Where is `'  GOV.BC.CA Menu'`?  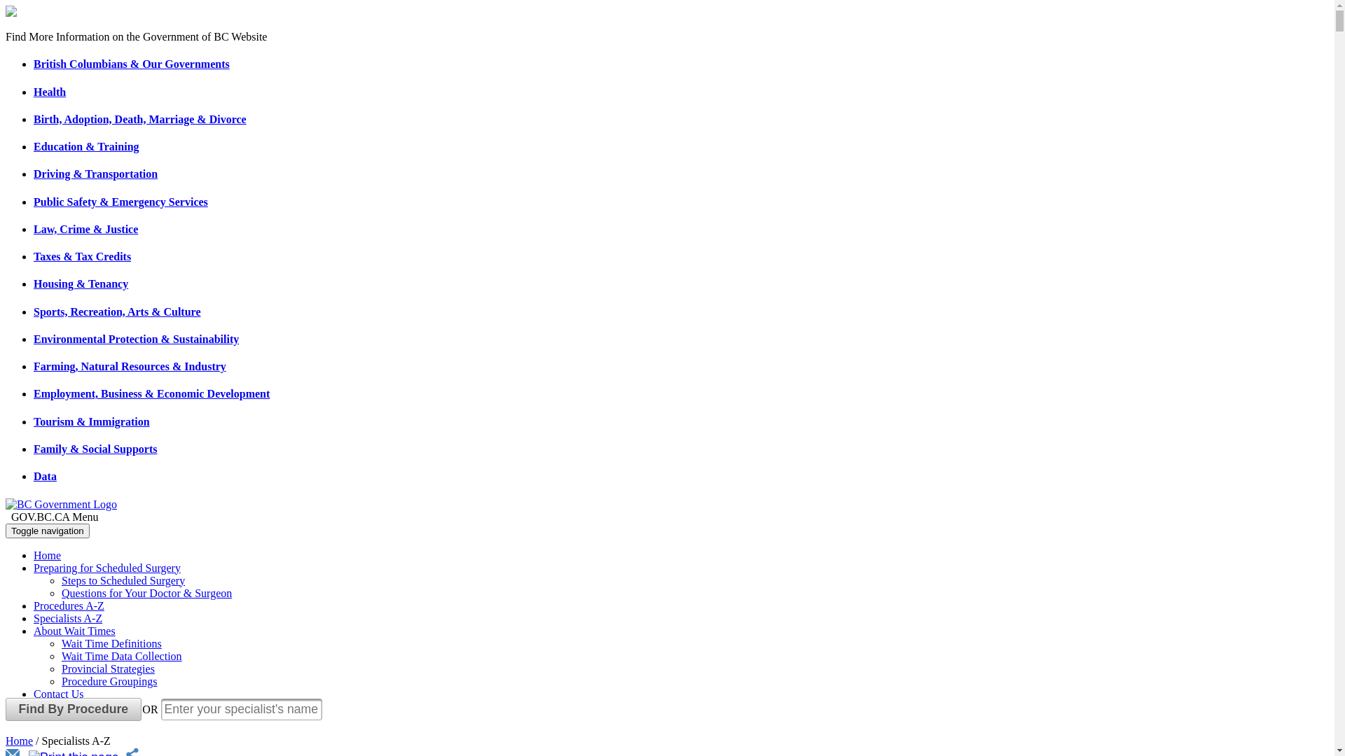
'  GOV.BC.CA Menu' is located at coordinates (666, 517).